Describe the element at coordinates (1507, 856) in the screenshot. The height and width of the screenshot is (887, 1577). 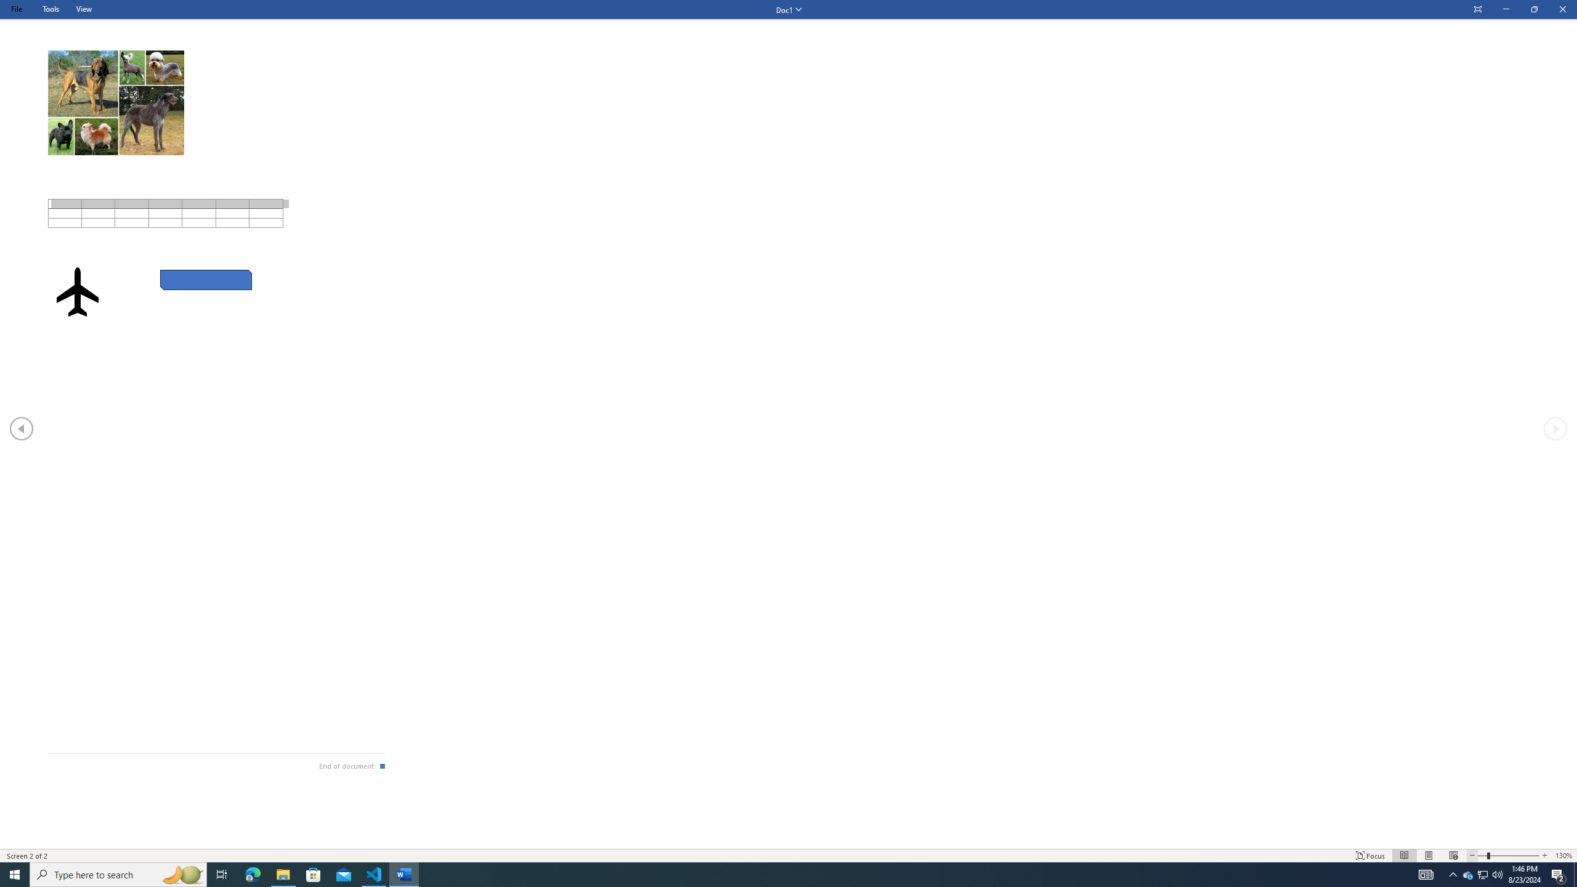
I see `'Text Size'` at that location.